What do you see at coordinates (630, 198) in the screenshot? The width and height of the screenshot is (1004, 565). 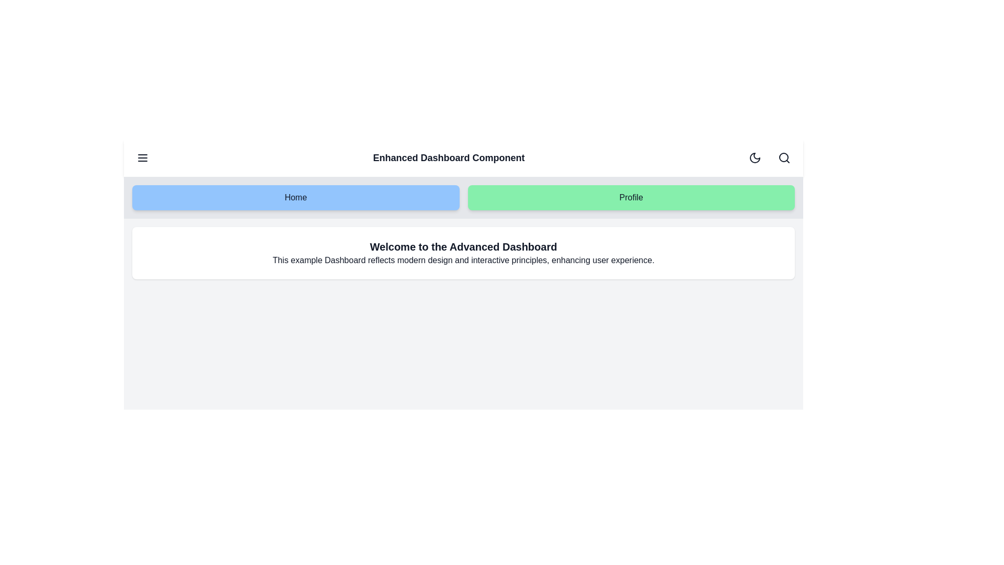 I see `the 'Profile' button to navigate to the 'Profile' section` at bounding box center [630, 198].